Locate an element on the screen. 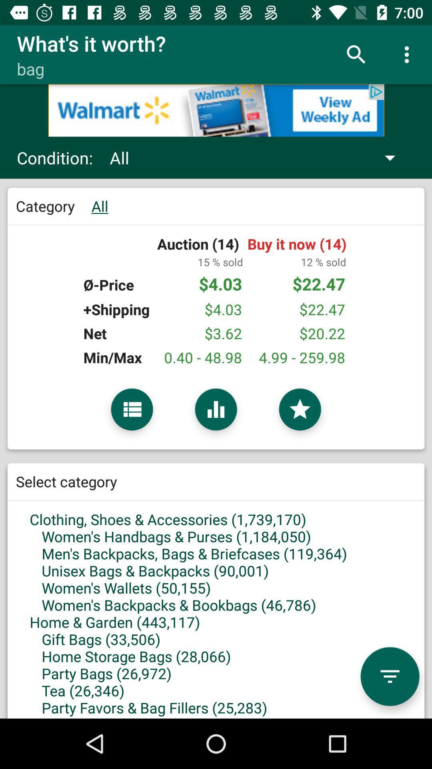 The height and width of the screenshot is (769, 432). the text present under select category is located at coordinates (216, 588).